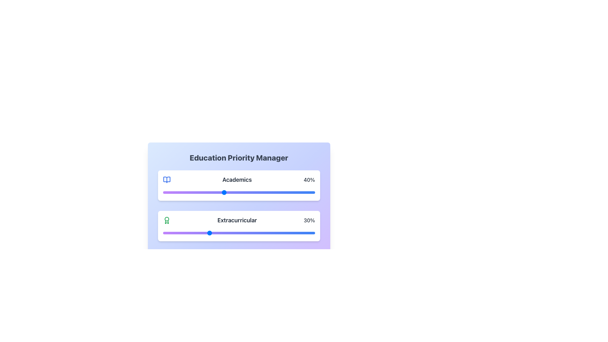  I want to click on the slider, so click(266, 233).